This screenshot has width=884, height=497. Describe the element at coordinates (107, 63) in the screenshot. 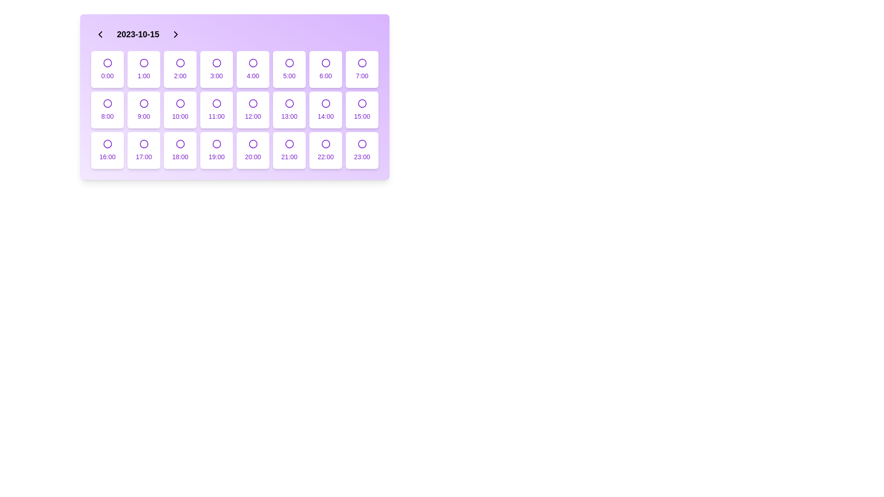

I see `the circular icon outlined in purple, located above the text '0:00' in the first card of the grid layout` at that location.